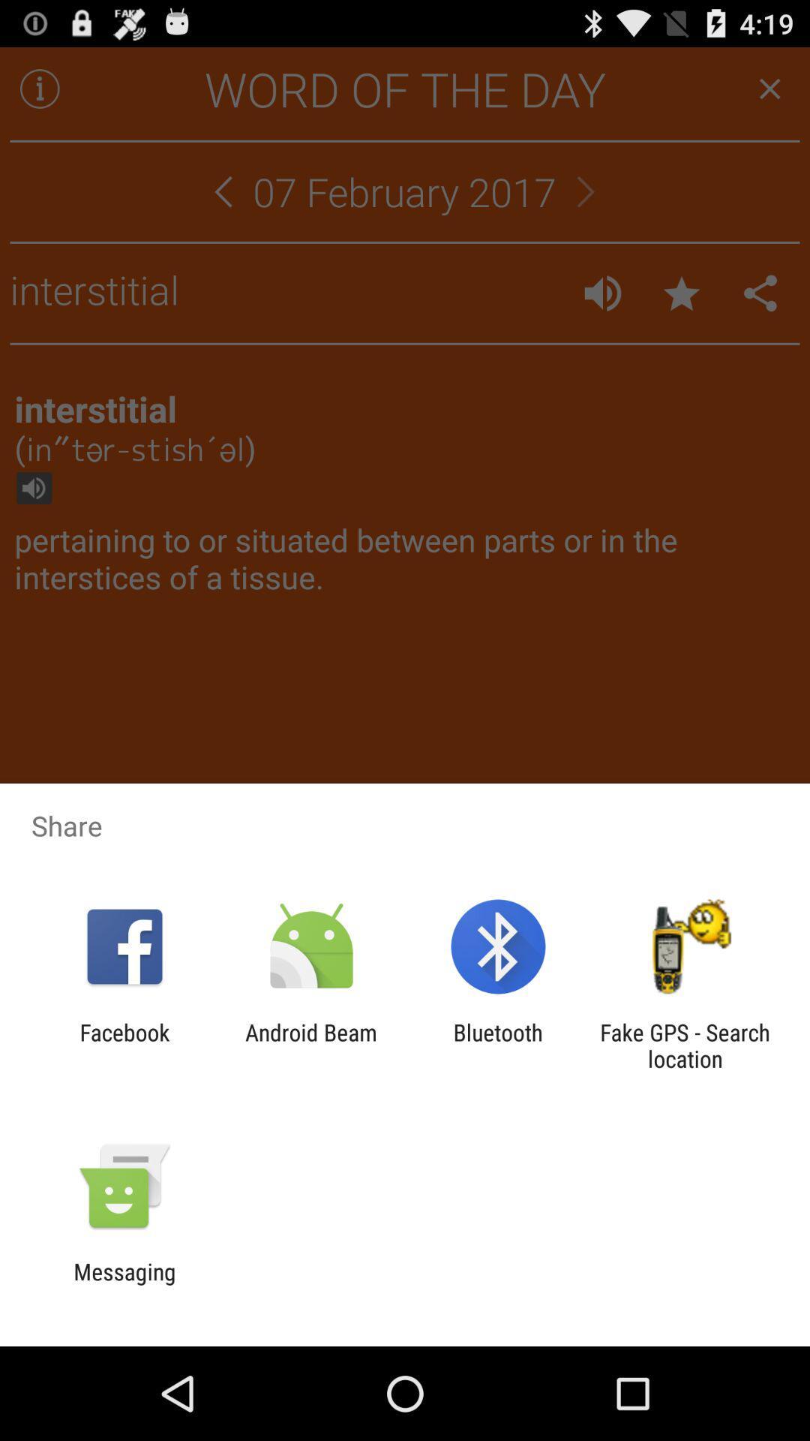 The height and width of the screenshot is (1441, 810). Describe the element at coordinates (124, 1284) in the screenshot. I see `the messaging` at that location.